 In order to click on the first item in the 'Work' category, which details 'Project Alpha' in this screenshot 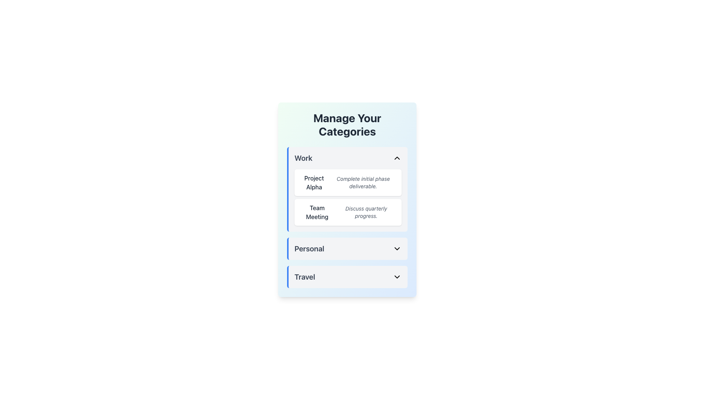, I will do `click(347, 189)`.